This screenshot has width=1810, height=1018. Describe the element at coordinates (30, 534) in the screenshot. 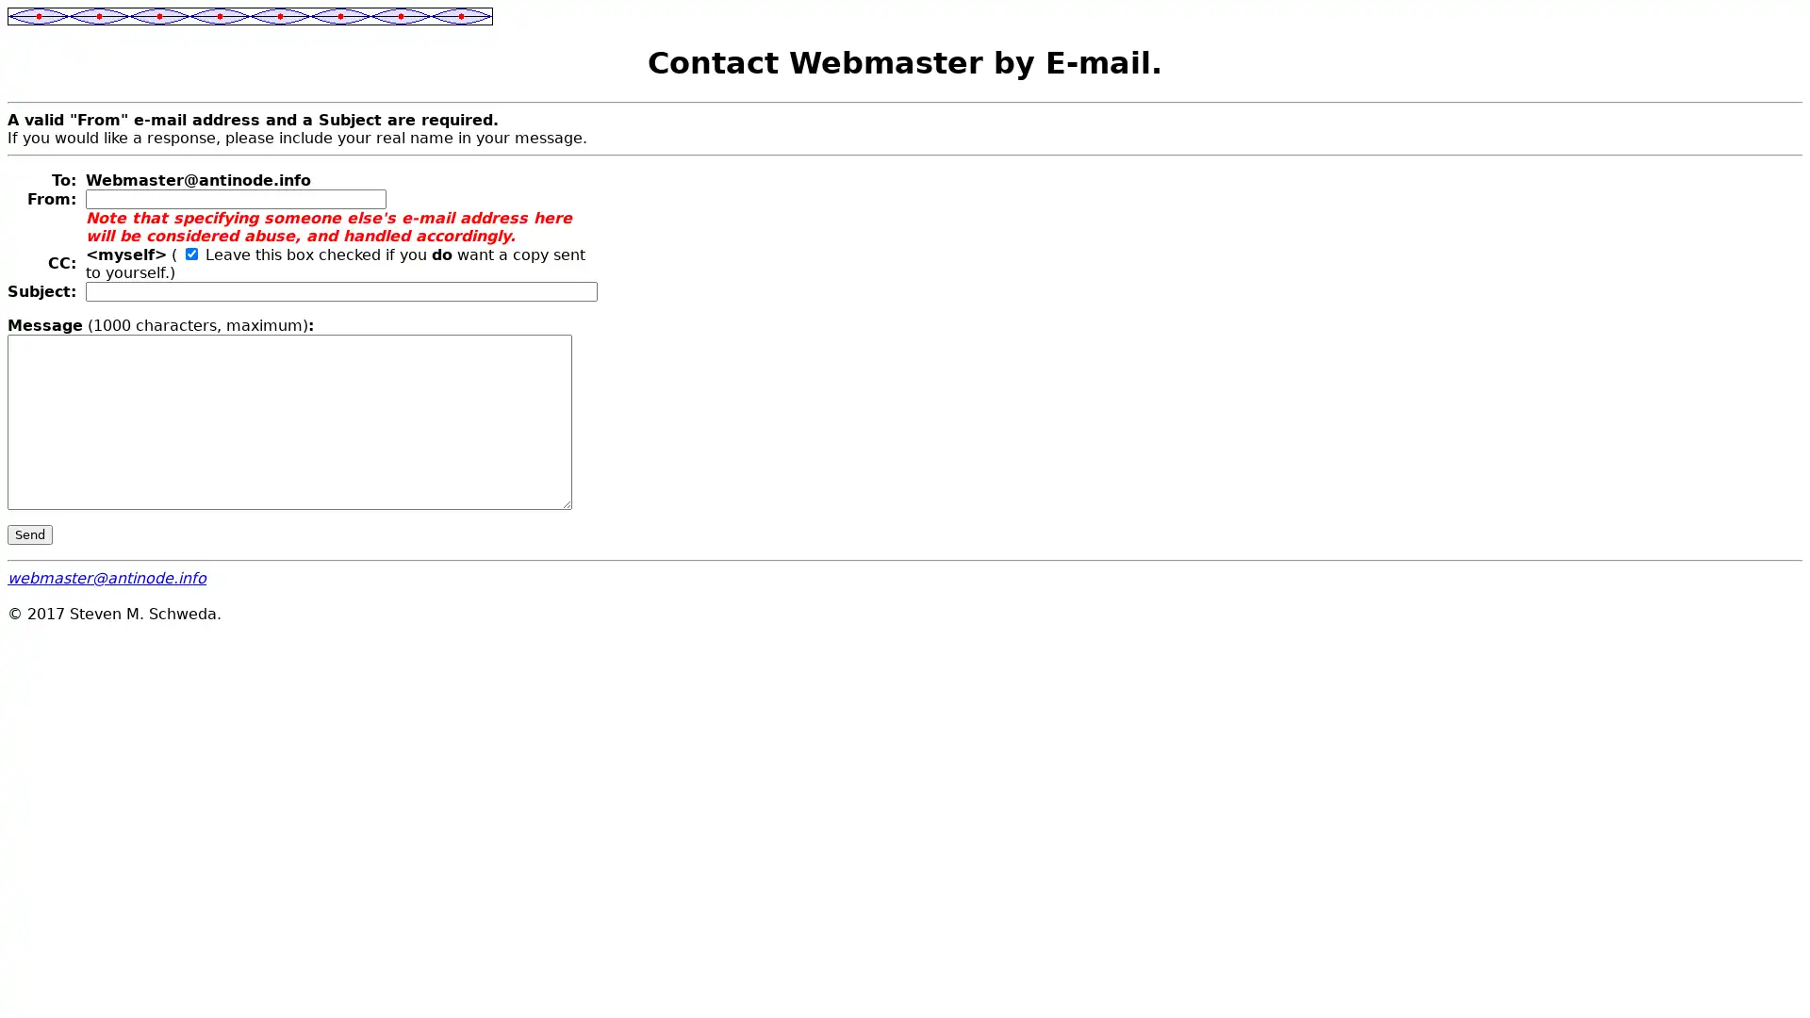

I see `Send` at that location.